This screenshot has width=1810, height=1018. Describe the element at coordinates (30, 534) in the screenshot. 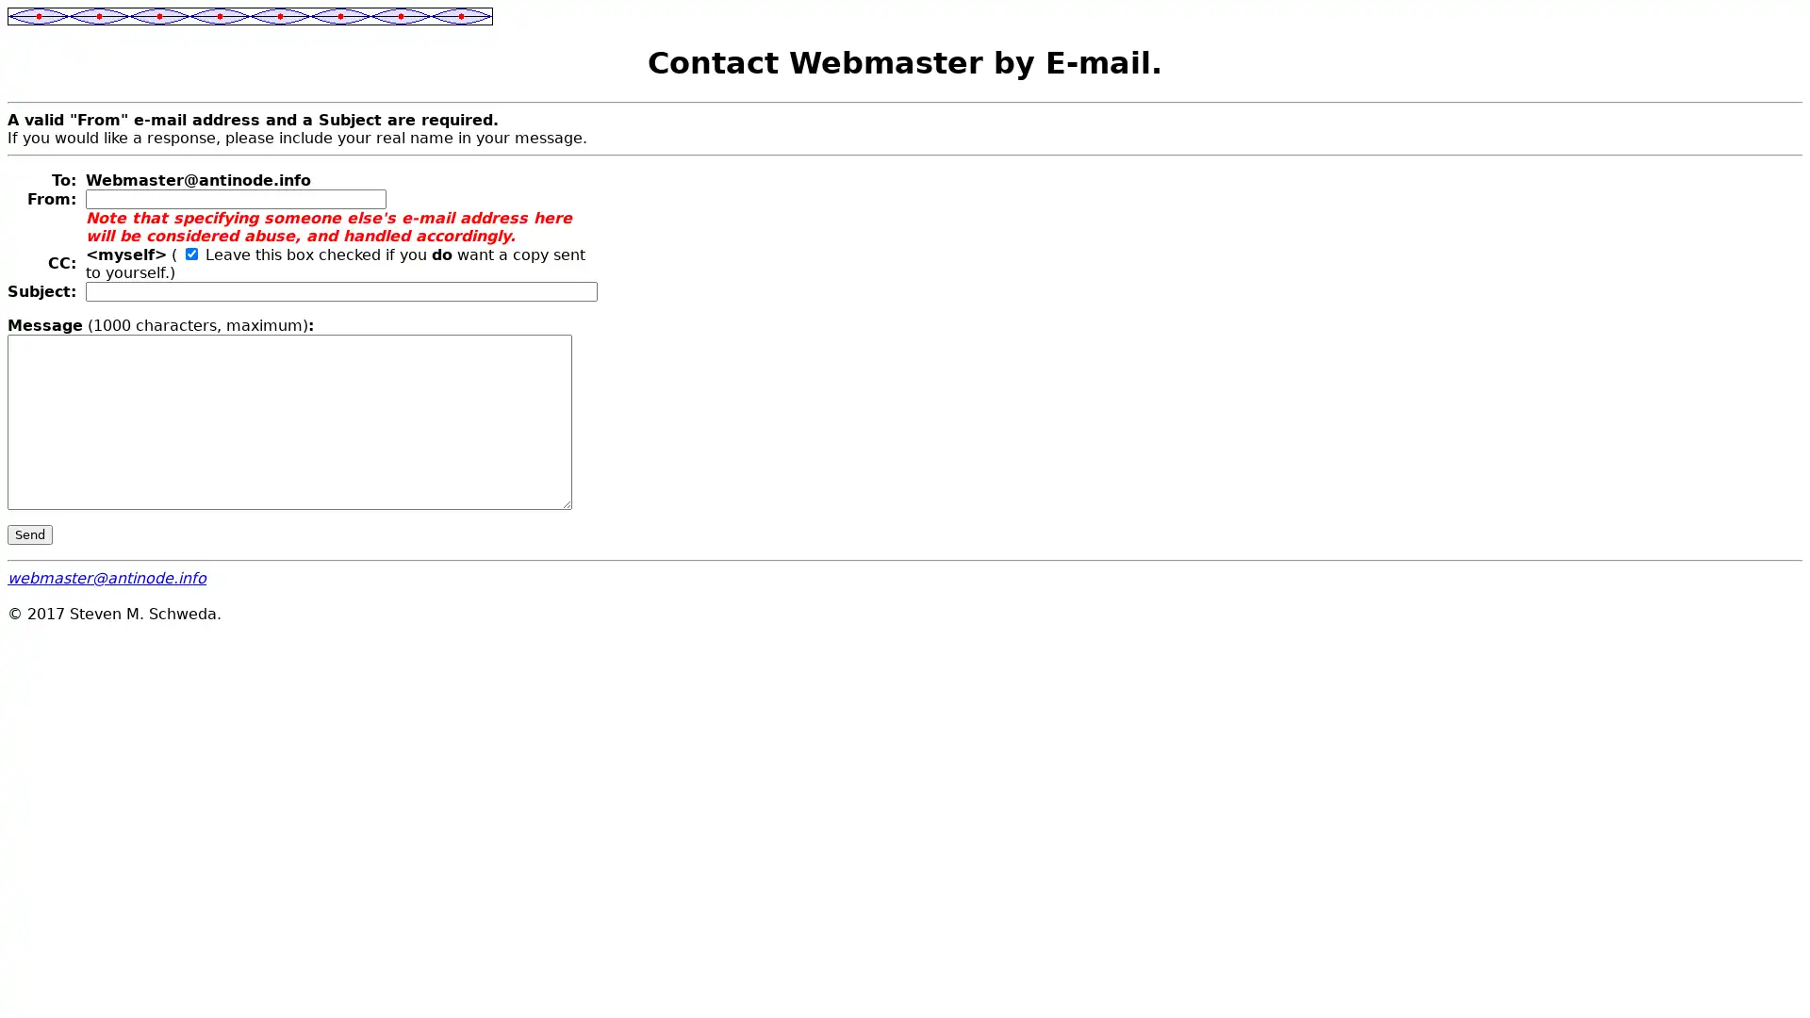

I see `Send` at that location.